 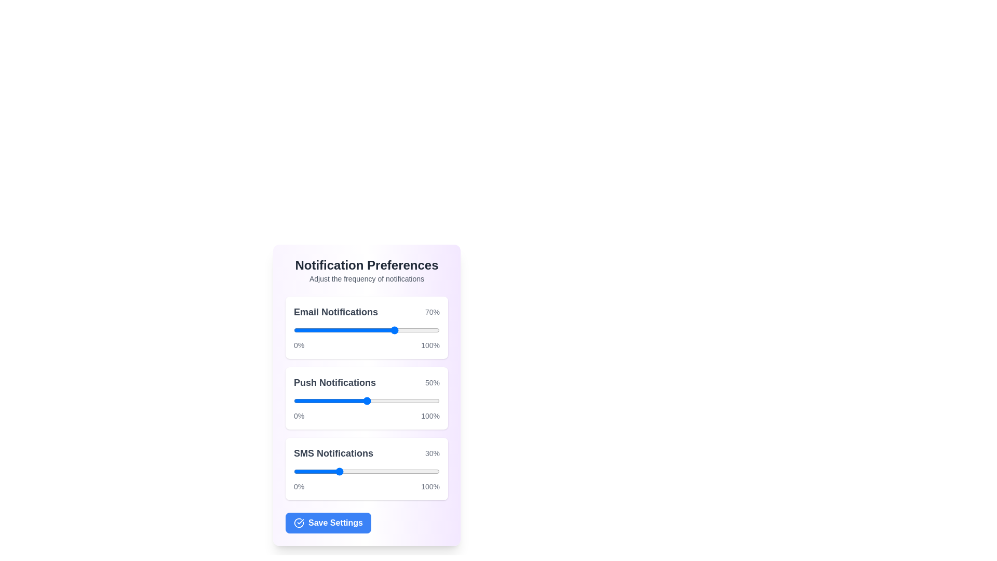 I want to click on SMS notification slider, so click(x=395, y=471).